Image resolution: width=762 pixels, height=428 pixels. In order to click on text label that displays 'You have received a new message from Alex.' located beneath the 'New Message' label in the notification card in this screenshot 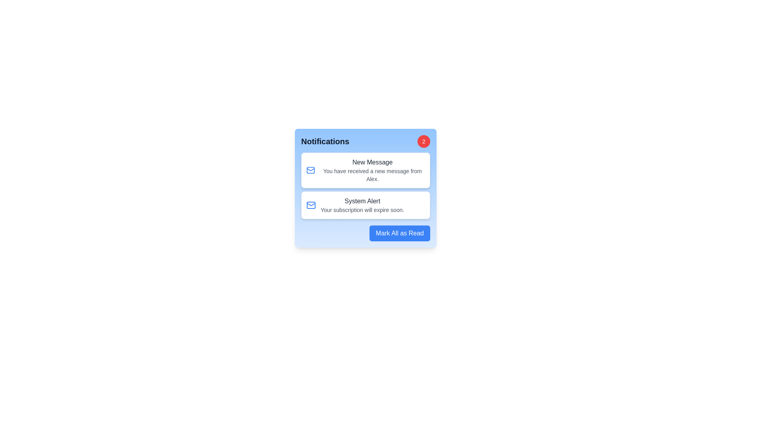, I will do `click(372, 175)`.